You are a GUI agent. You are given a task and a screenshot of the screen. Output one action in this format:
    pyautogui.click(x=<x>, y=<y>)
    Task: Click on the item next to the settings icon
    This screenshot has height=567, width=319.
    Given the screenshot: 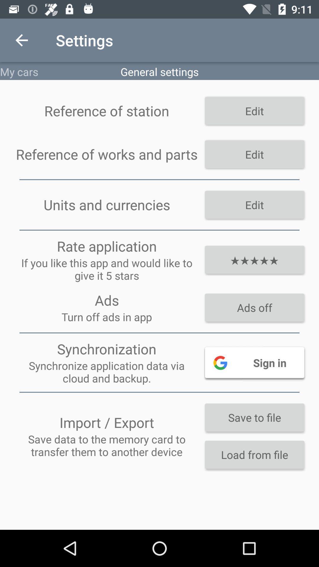 What is the action you would take?
    pyautogui.click(x=21, y=40)
    